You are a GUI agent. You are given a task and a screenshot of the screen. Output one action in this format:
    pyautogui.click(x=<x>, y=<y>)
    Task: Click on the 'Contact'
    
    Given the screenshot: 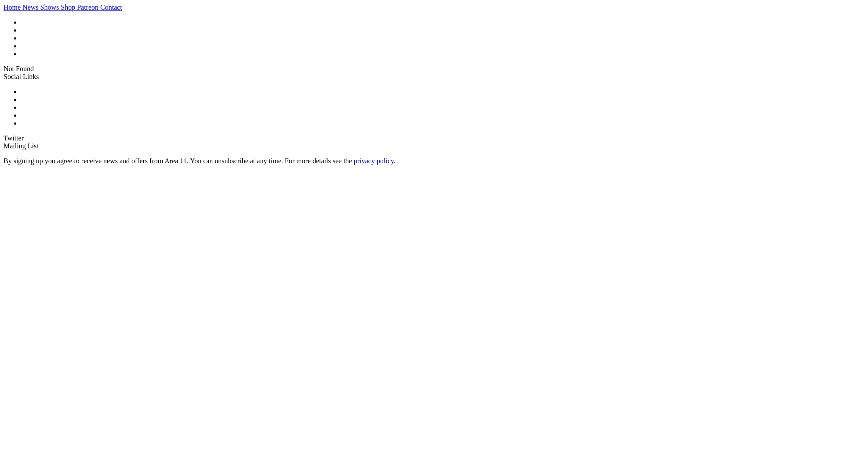 What is the action you would take?
    pyautogui.click(x=100, y=7)
    